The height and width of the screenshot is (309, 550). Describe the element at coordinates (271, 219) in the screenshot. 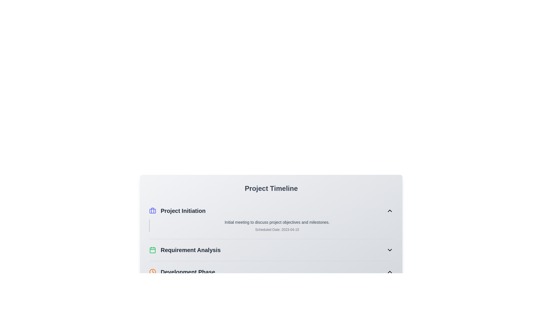

I see `the scheduled date by interacting with the 'Project Initiation' section of the collapsible timeline, which is the first section below 'Project Timeline'` at that location.